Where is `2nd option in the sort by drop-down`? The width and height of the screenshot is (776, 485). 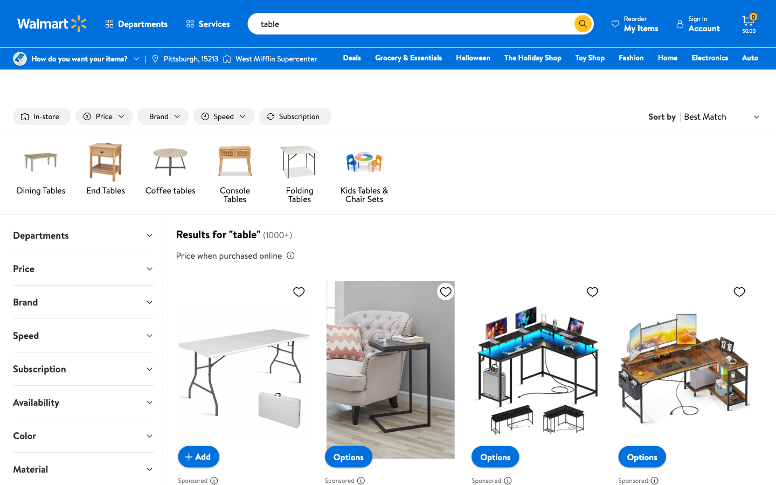 2nd option in the sort by drop-down is located at coordinates (722, 116).